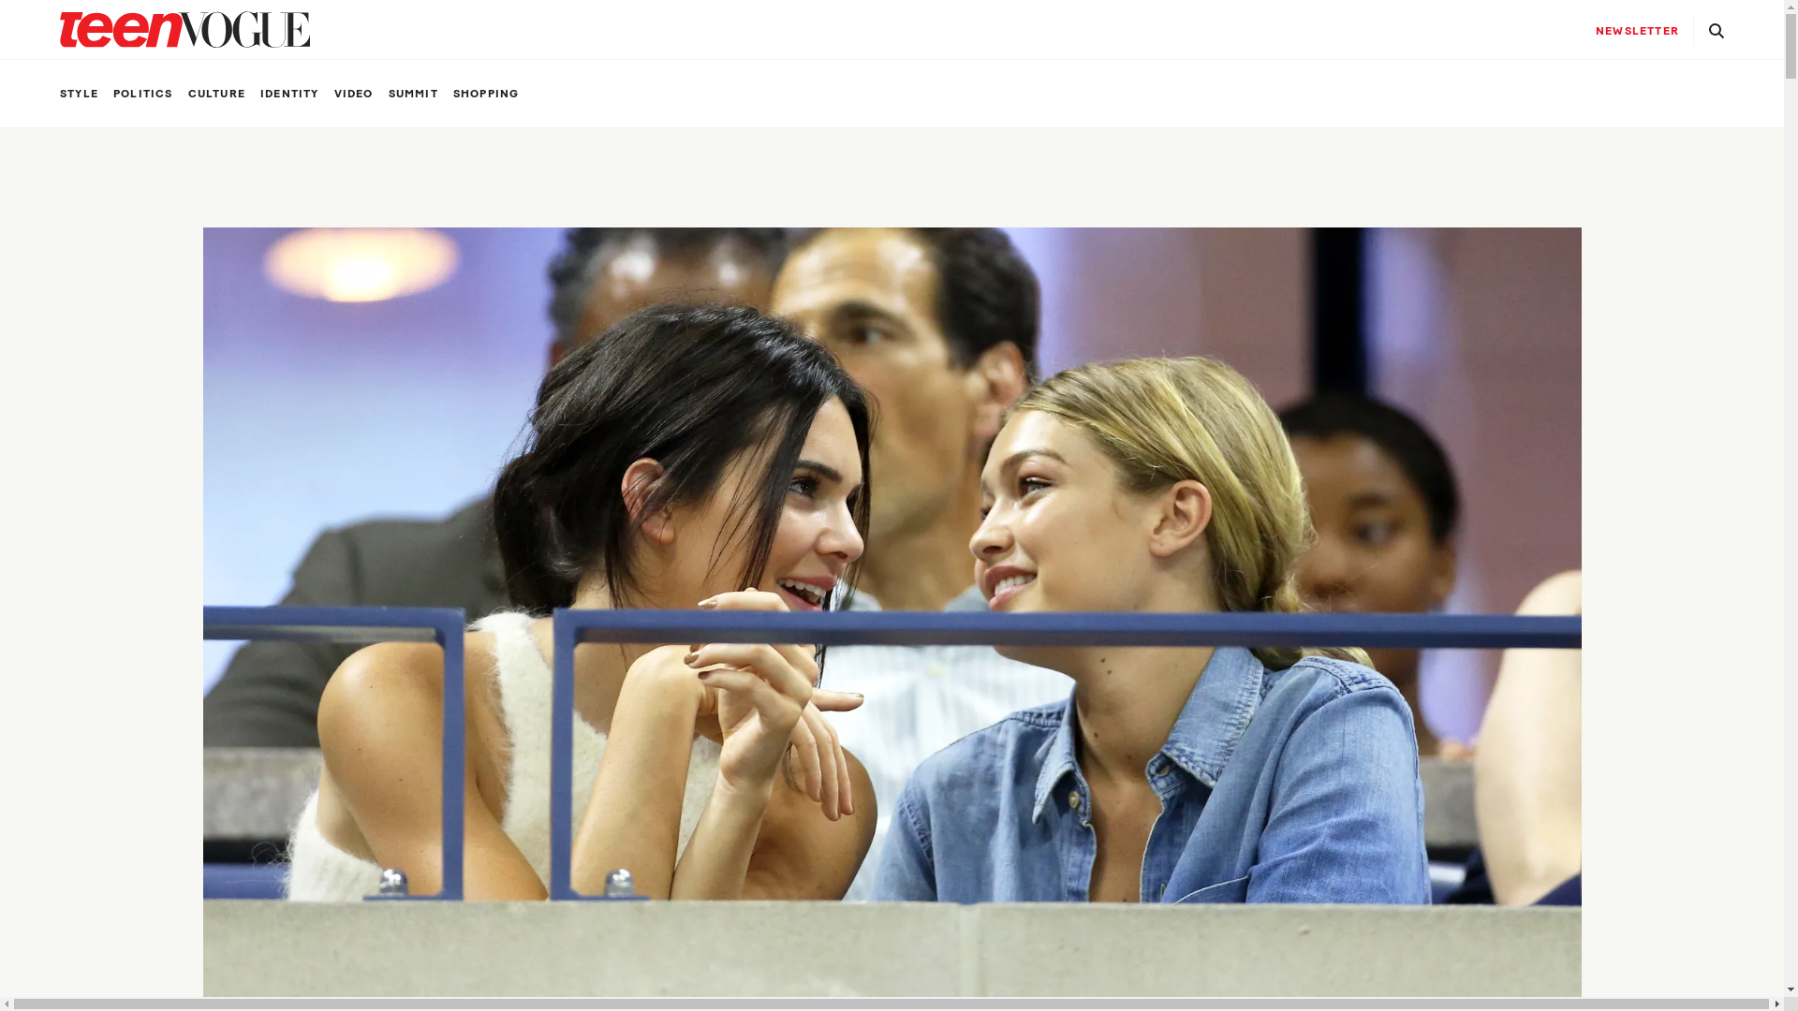  What do you see at coordinates (78, 94) in the screenshot?
I see `'STYLE'` at bounding box center [78, 94].